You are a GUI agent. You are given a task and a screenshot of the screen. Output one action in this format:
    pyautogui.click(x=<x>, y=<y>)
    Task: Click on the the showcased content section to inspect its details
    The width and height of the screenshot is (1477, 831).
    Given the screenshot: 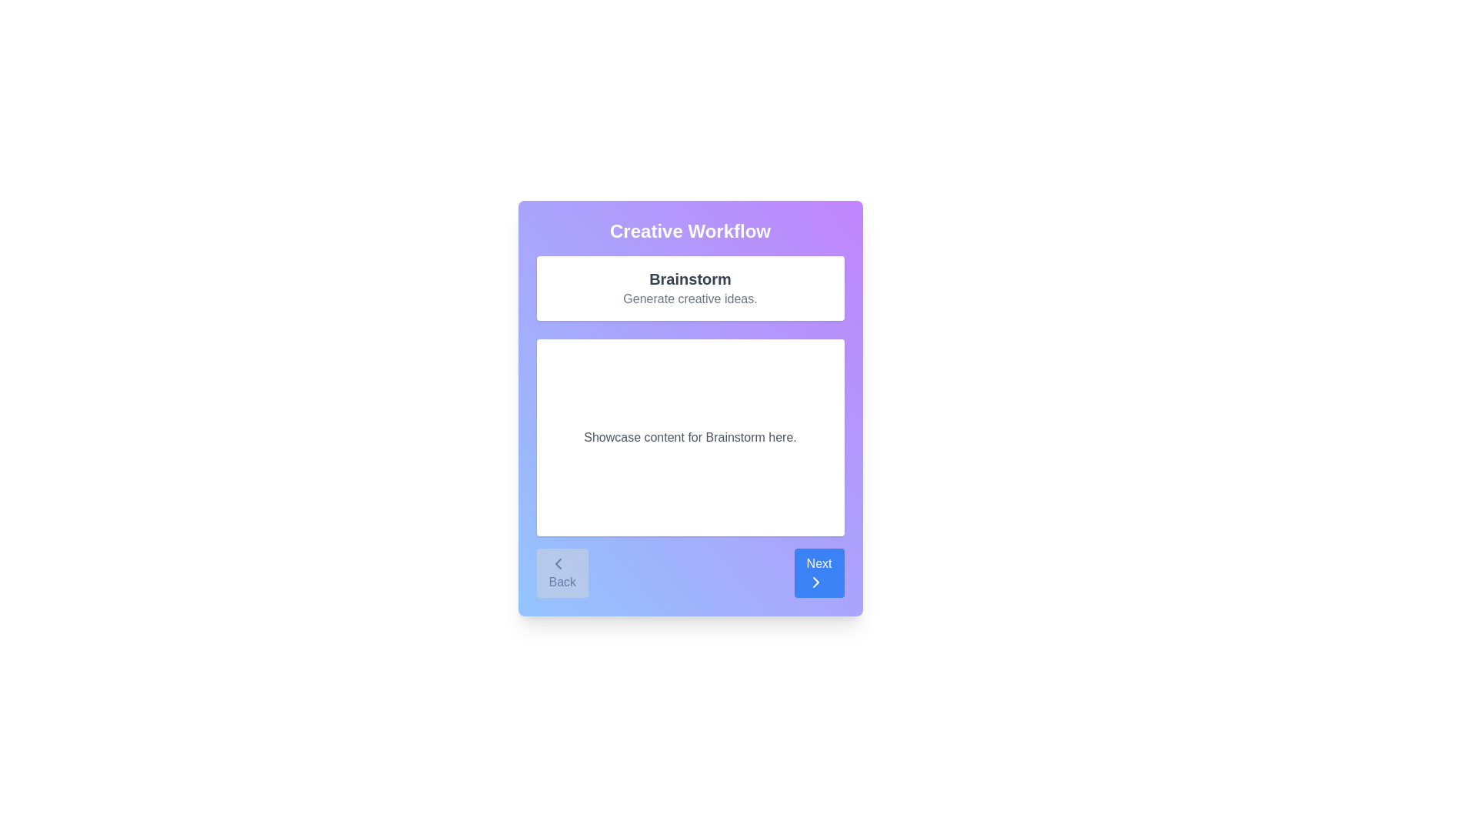 What is the action you would take?
    pyautogui.click(x=689, y=438)
    